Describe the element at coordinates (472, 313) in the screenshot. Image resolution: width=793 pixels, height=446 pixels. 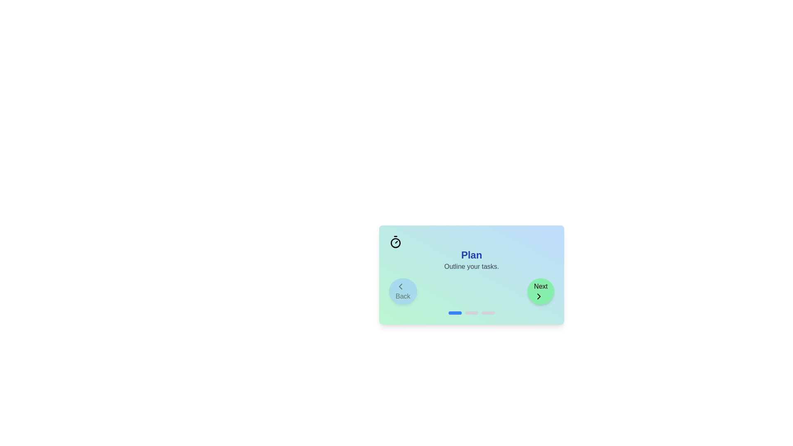
I see `the stage indicator corresponding to Execute` at that location.